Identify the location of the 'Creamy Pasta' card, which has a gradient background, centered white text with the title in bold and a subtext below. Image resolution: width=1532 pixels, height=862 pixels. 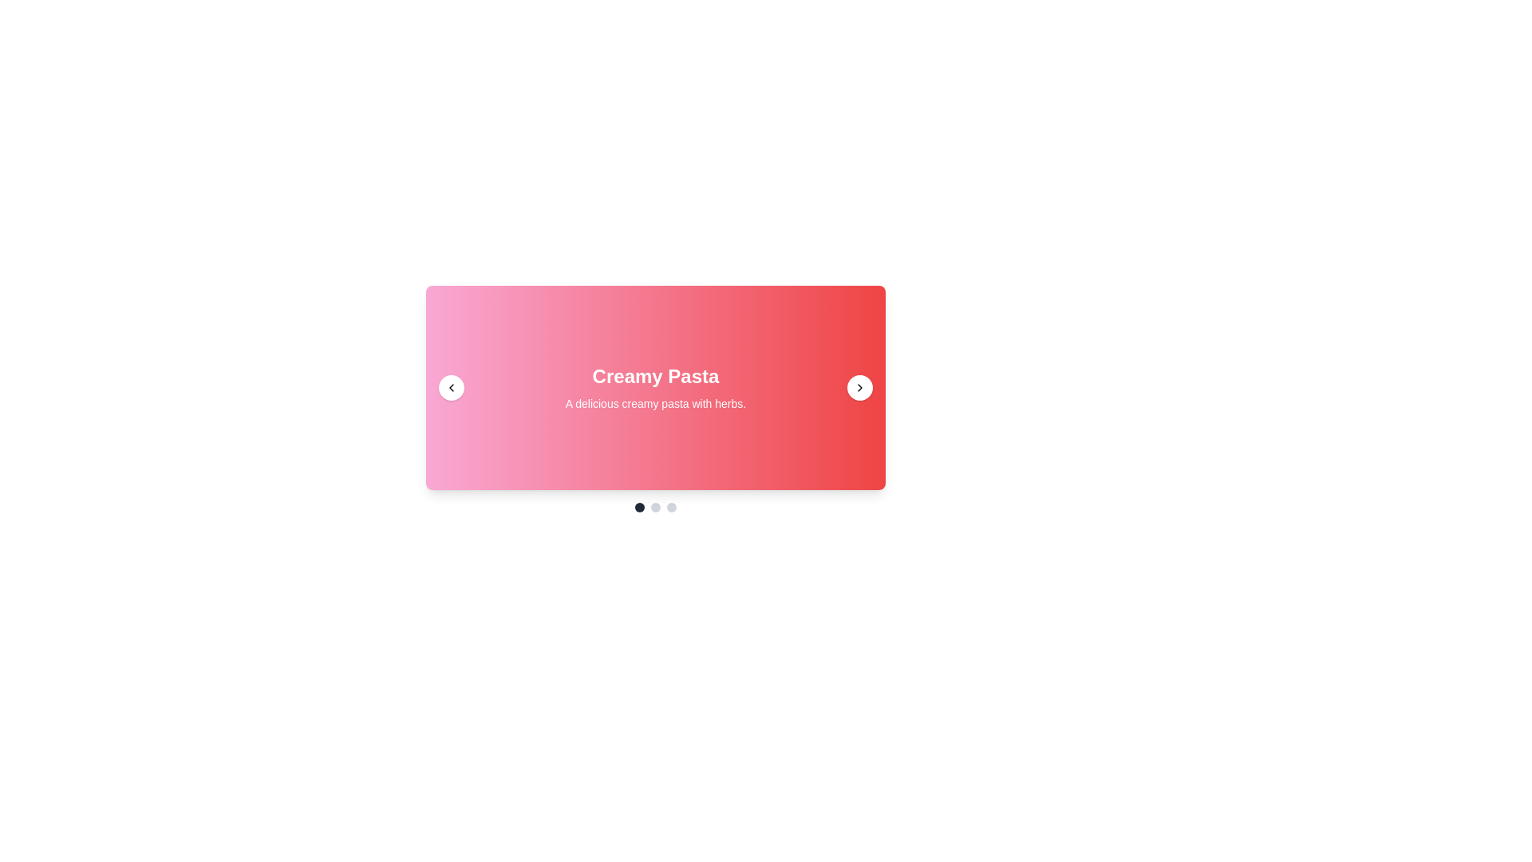
(655, 388).